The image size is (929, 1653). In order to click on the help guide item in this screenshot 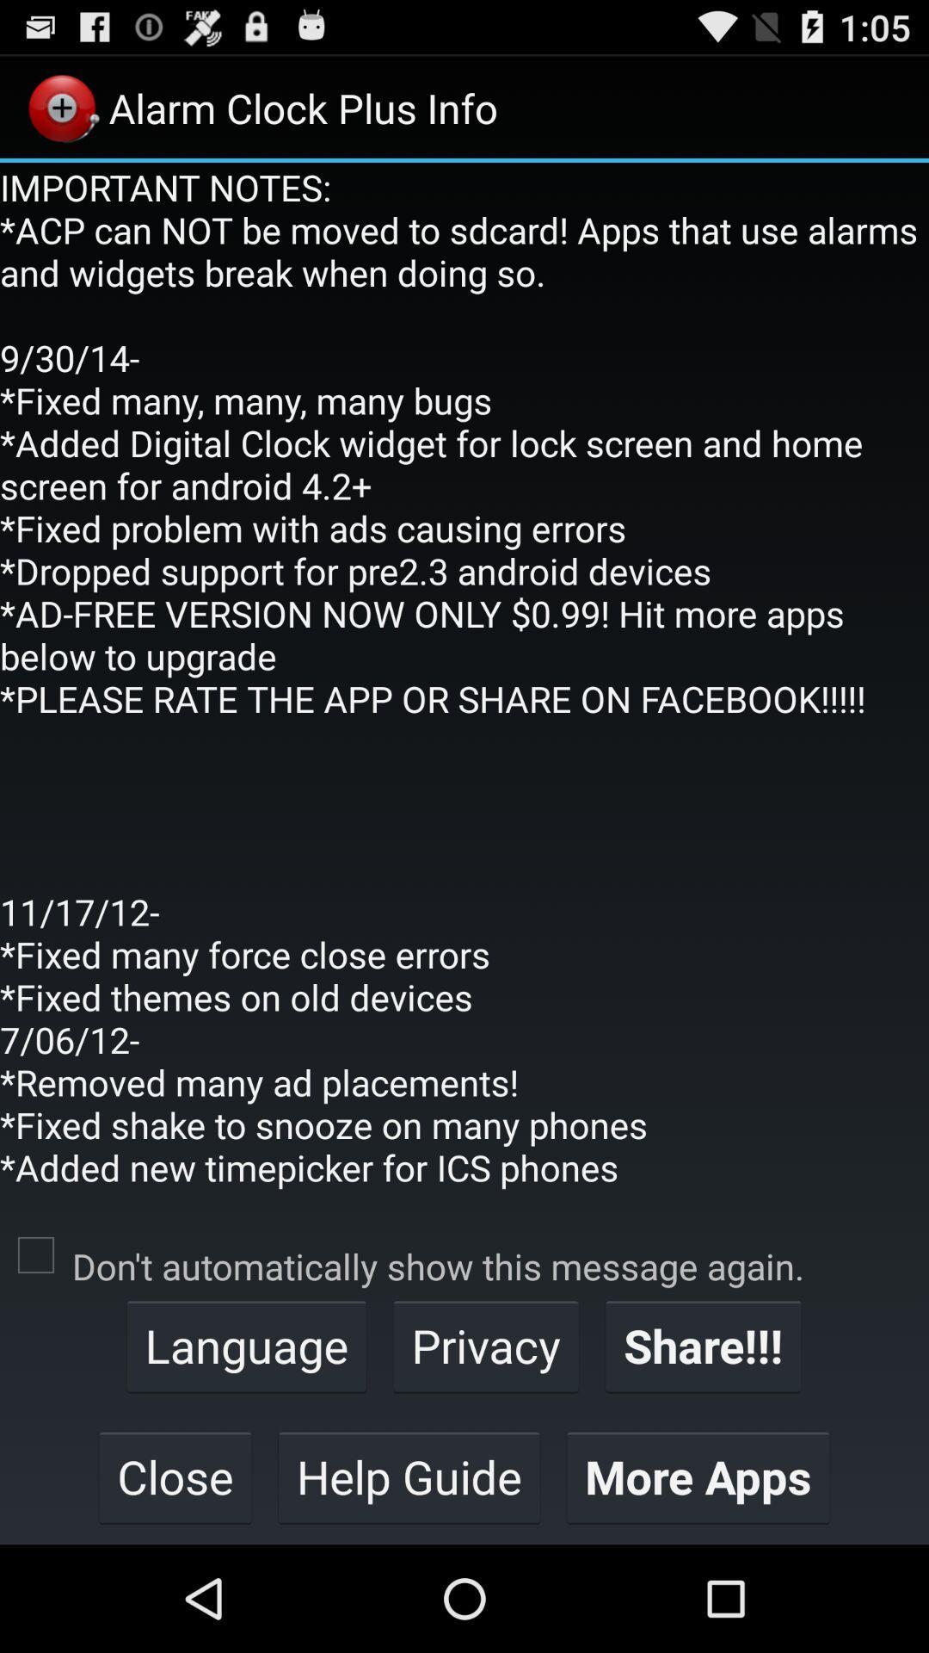, I will do `click(409, 1476)`.